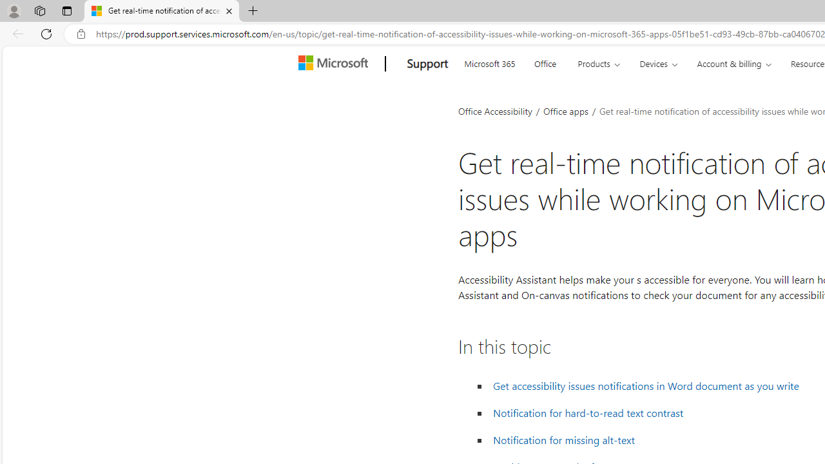 This screenshot has height=464, width=825. What do you see at coordinates (545, 62) in the screenshot?
I see `'Office'` at bounding box center [545, 62].